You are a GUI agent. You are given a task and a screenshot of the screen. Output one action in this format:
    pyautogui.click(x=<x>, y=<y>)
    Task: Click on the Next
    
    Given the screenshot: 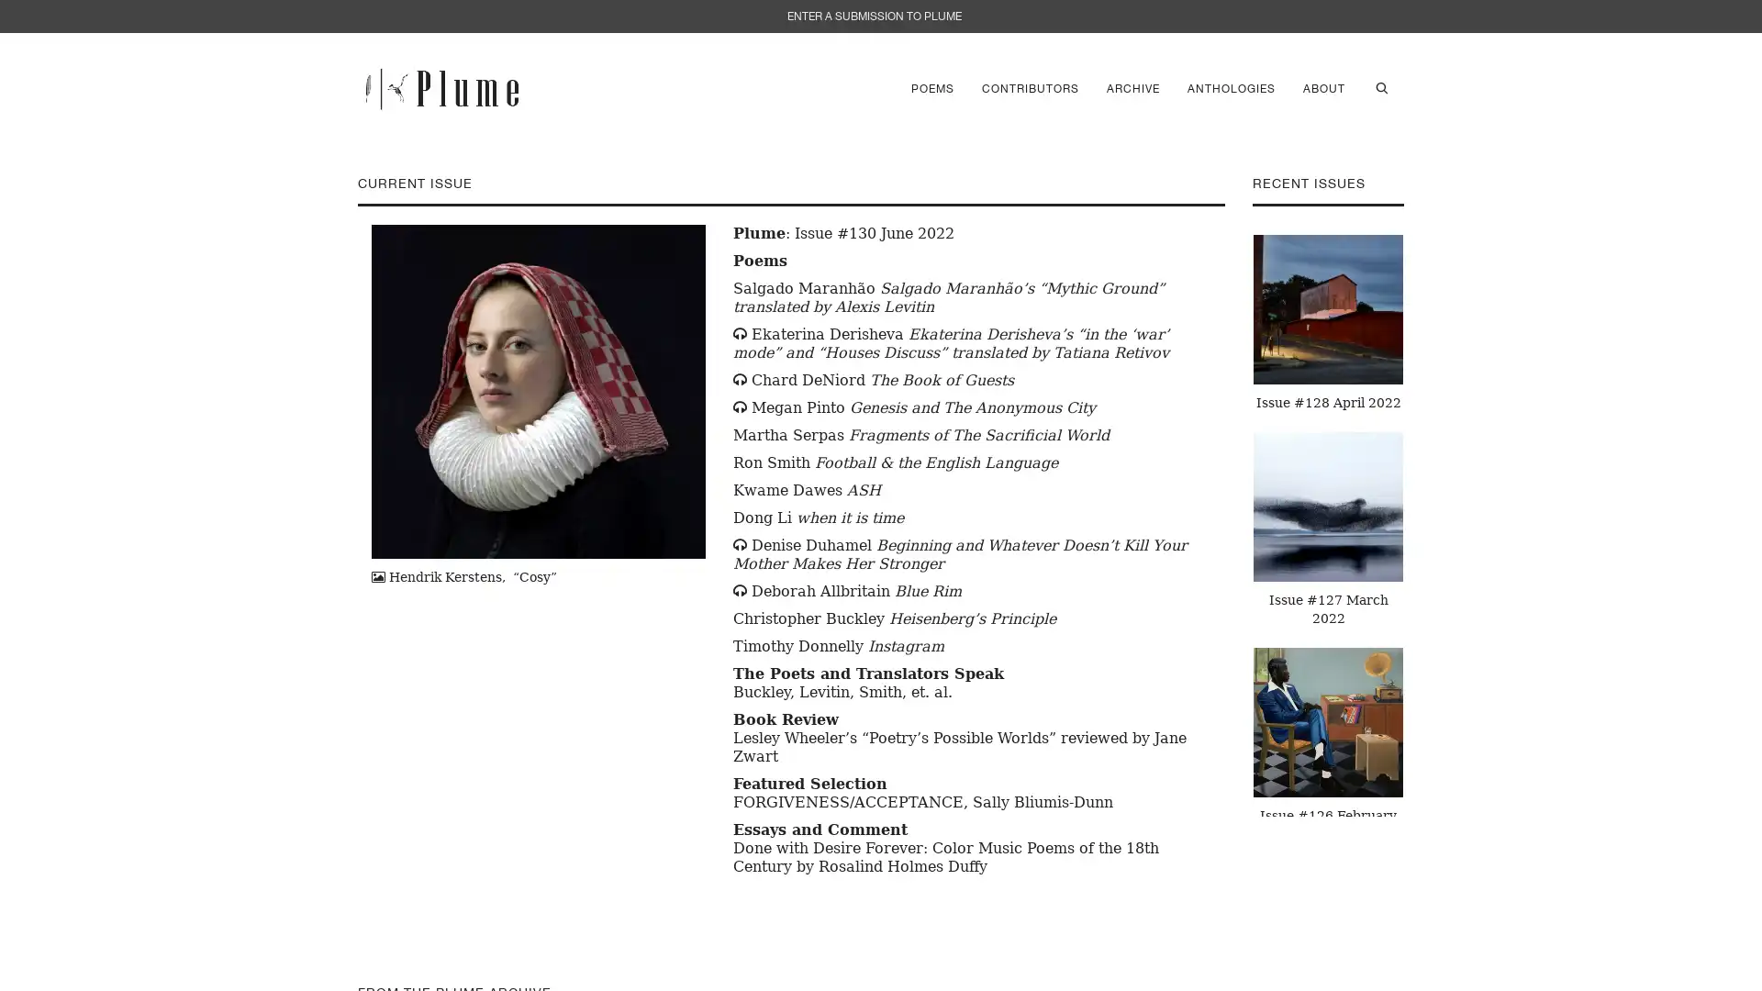 What is the action you would take?
    pyautogui.click(x=1417, y=520)
    